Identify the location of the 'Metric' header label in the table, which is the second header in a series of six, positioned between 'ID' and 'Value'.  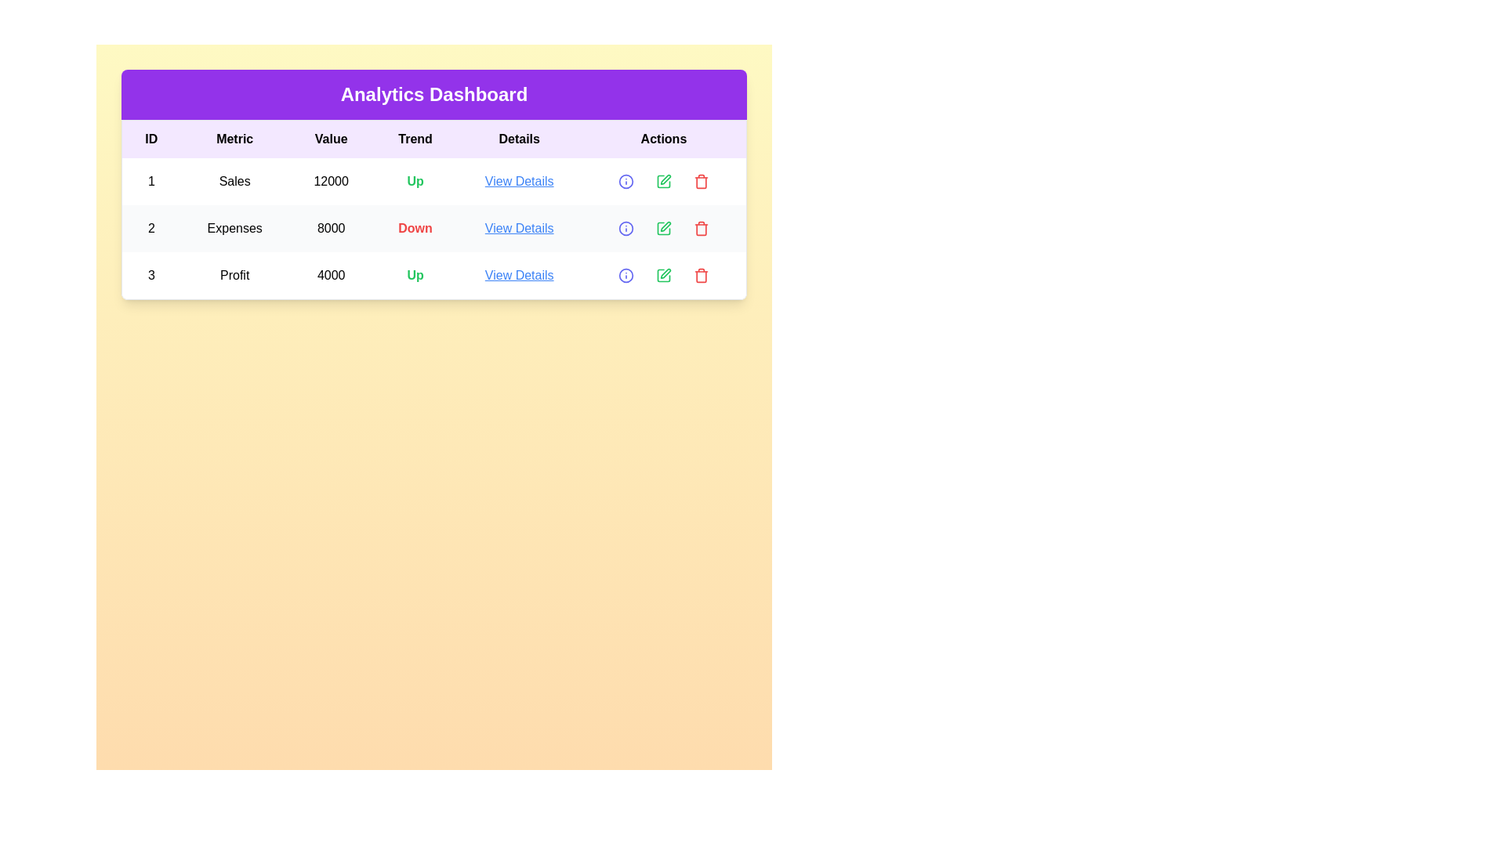
(234, 138).